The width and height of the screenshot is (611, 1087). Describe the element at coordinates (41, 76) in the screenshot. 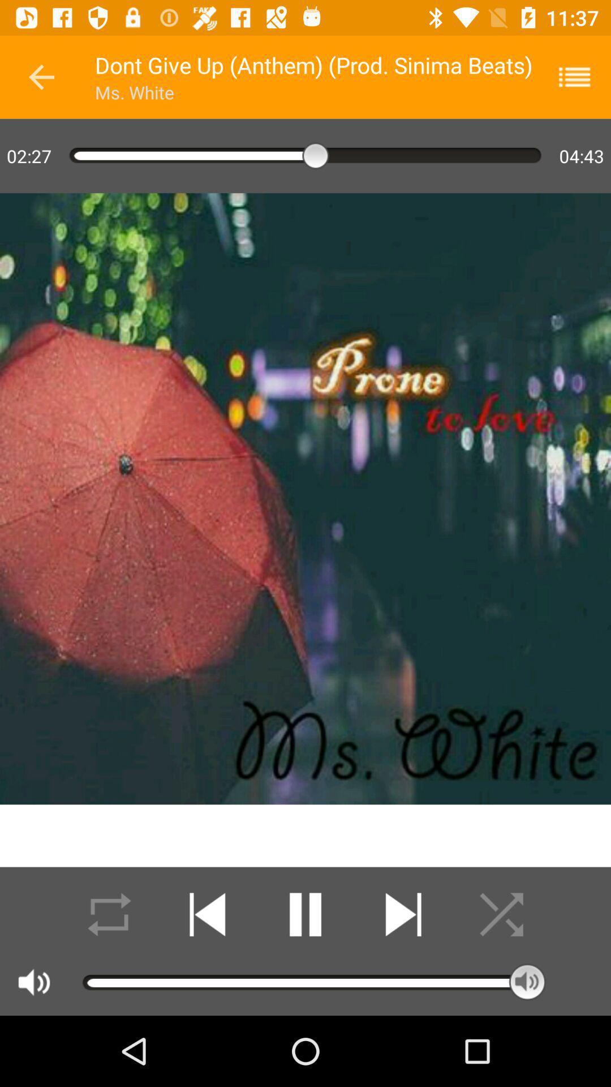

I see `item next to dont give up icon` at that location.